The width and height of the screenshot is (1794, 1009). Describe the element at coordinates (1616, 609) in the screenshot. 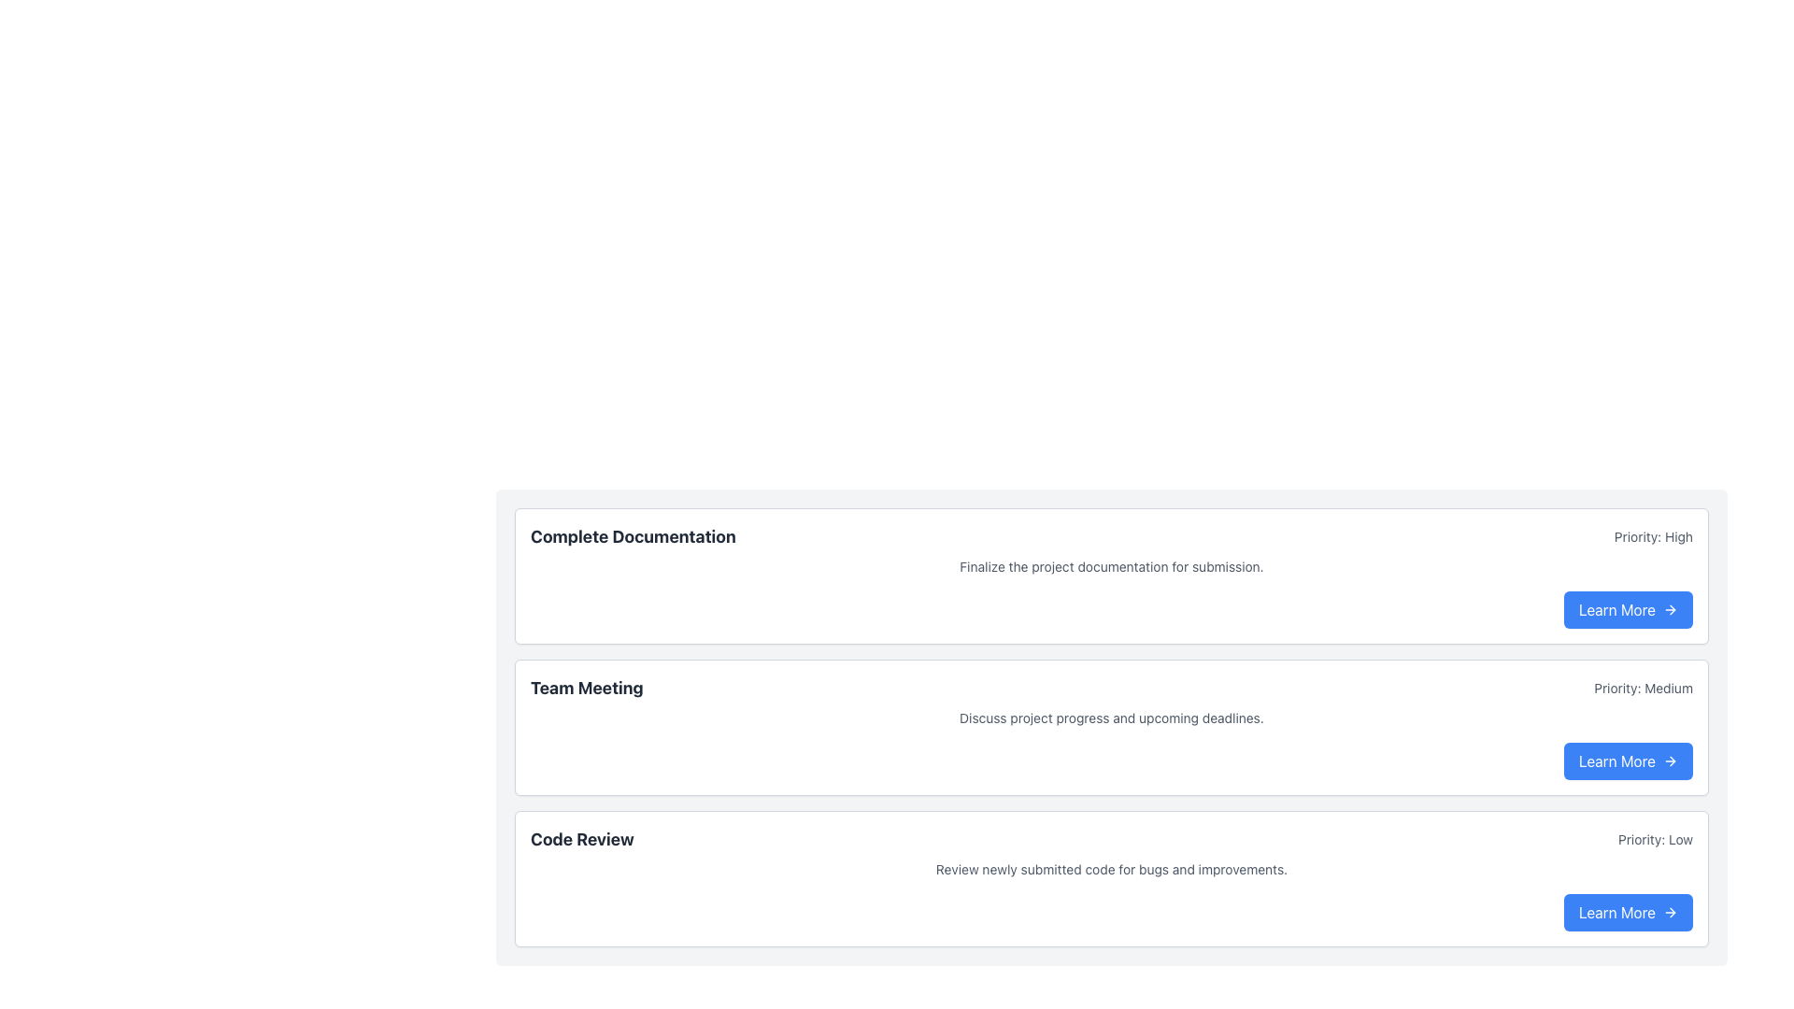

I see `the button labeled 'Learn More' which is styled with white text on a blue background, located on the right side of the first row of information blocks, adjacent to an arrow icon` at that location.